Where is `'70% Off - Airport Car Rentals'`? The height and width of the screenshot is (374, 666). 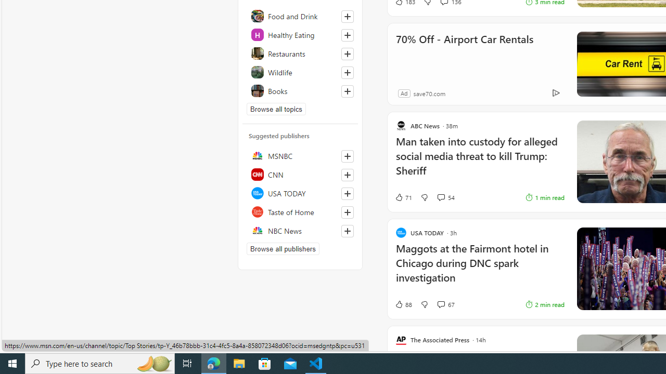
'70% Off - Airport Car Rentals' is located at coordinates (464, 53).